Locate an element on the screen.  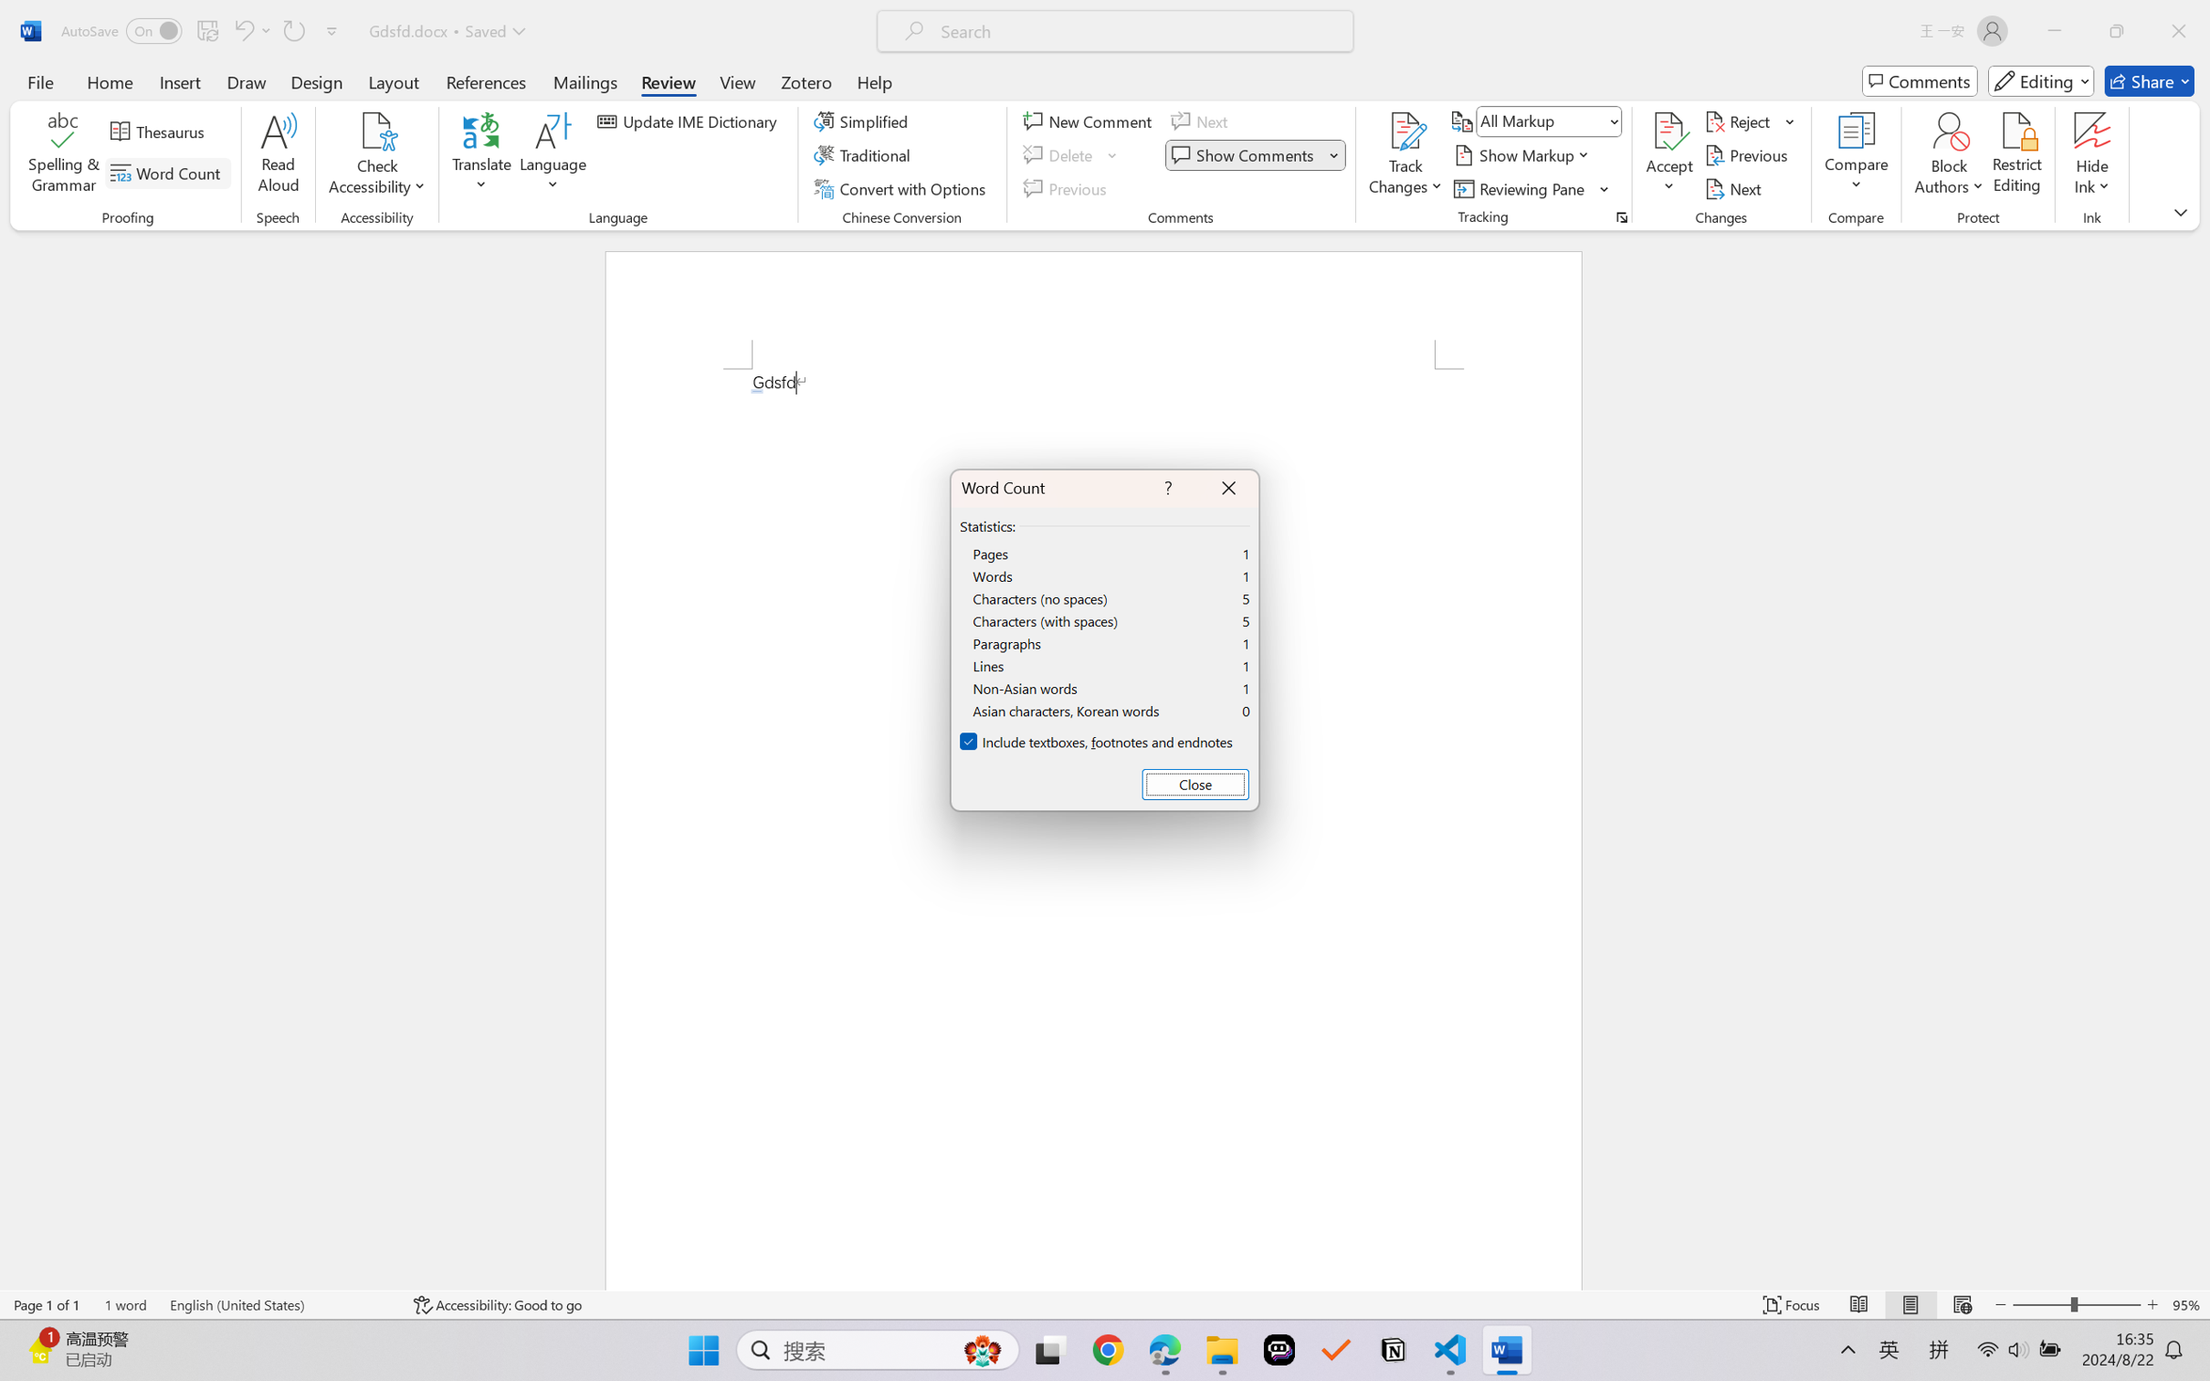
'Google Chrome' is located at coordinates (1108, 1350).